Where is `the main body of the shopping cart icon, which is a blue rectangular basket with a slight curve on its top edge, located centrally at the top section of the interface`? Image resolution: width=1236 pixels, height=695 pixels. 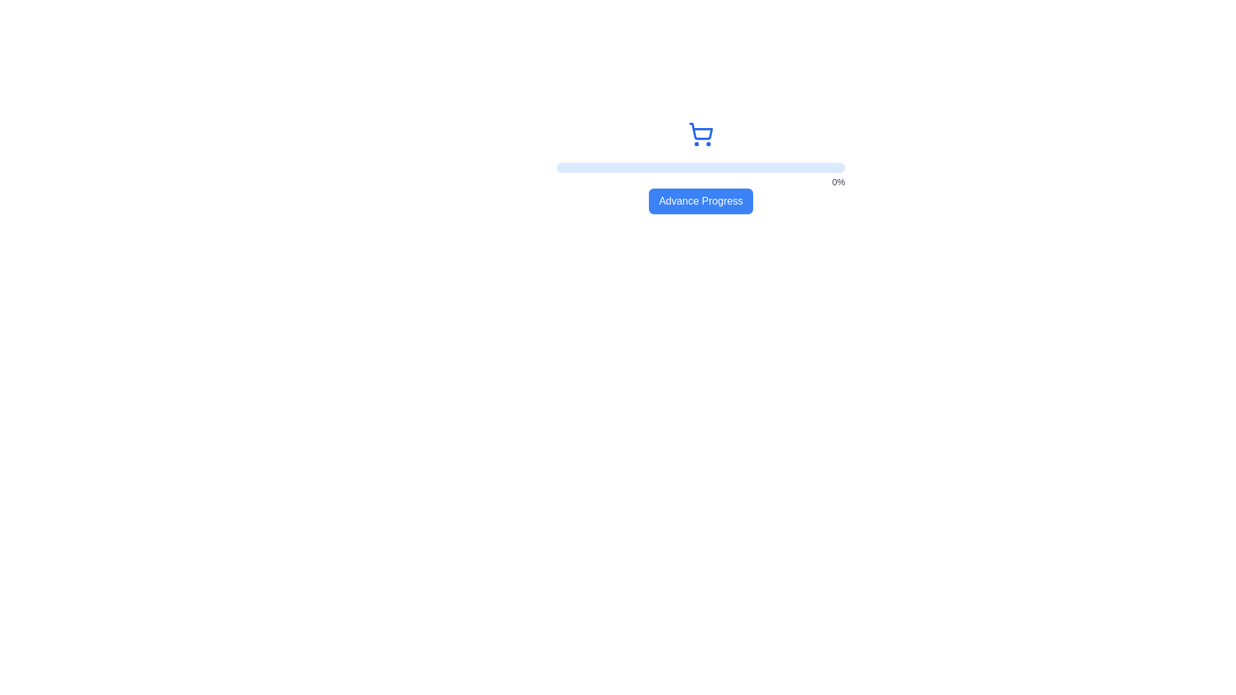
the main body of the shopping cart icon, which is a blue rectangular basket with a slight curve on its top edge, located centrally at the top section of the interface is located at coordinates (700, 131).